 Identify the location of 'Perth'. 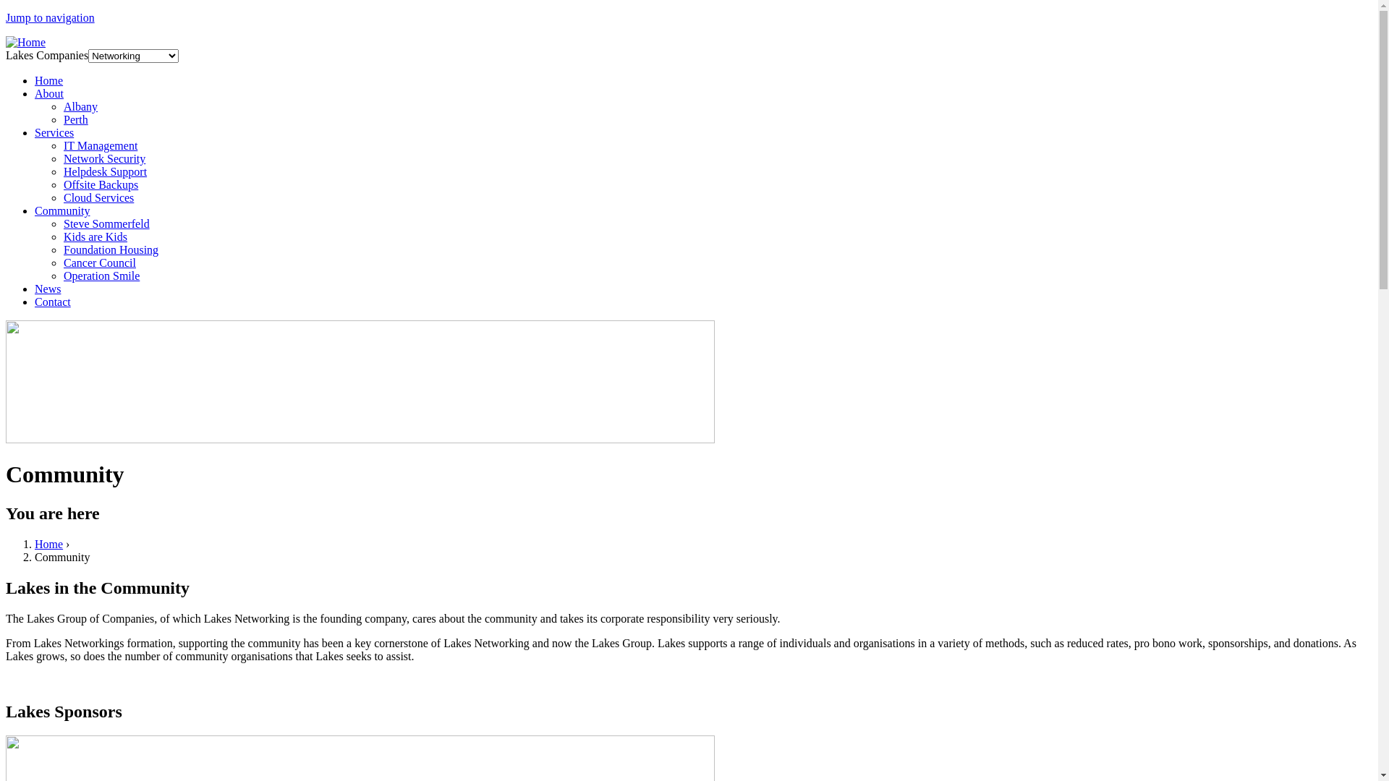
(75, 119).